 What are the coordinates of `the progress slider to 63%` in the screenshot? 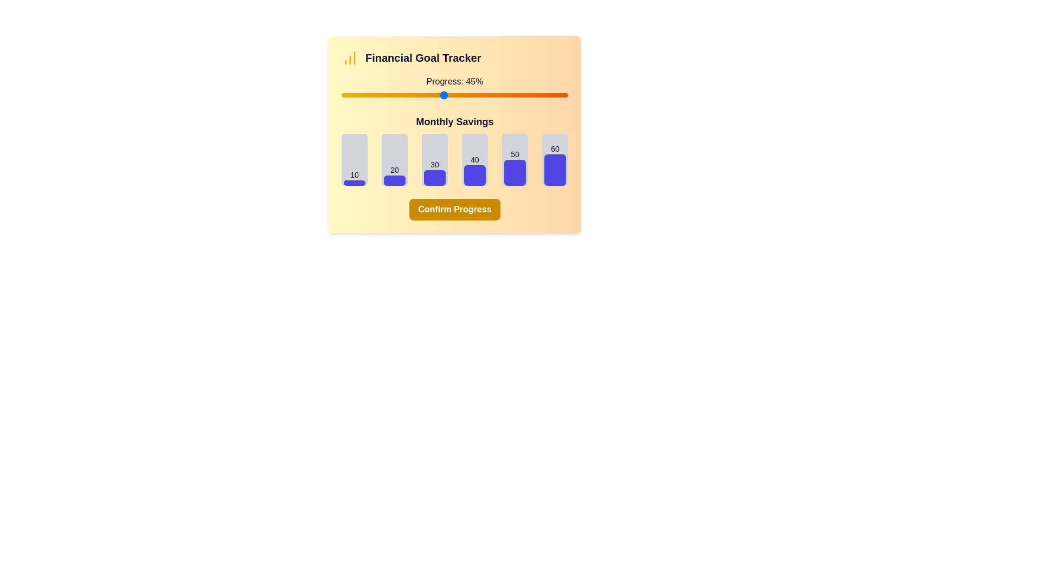 It's located at (484, 95).